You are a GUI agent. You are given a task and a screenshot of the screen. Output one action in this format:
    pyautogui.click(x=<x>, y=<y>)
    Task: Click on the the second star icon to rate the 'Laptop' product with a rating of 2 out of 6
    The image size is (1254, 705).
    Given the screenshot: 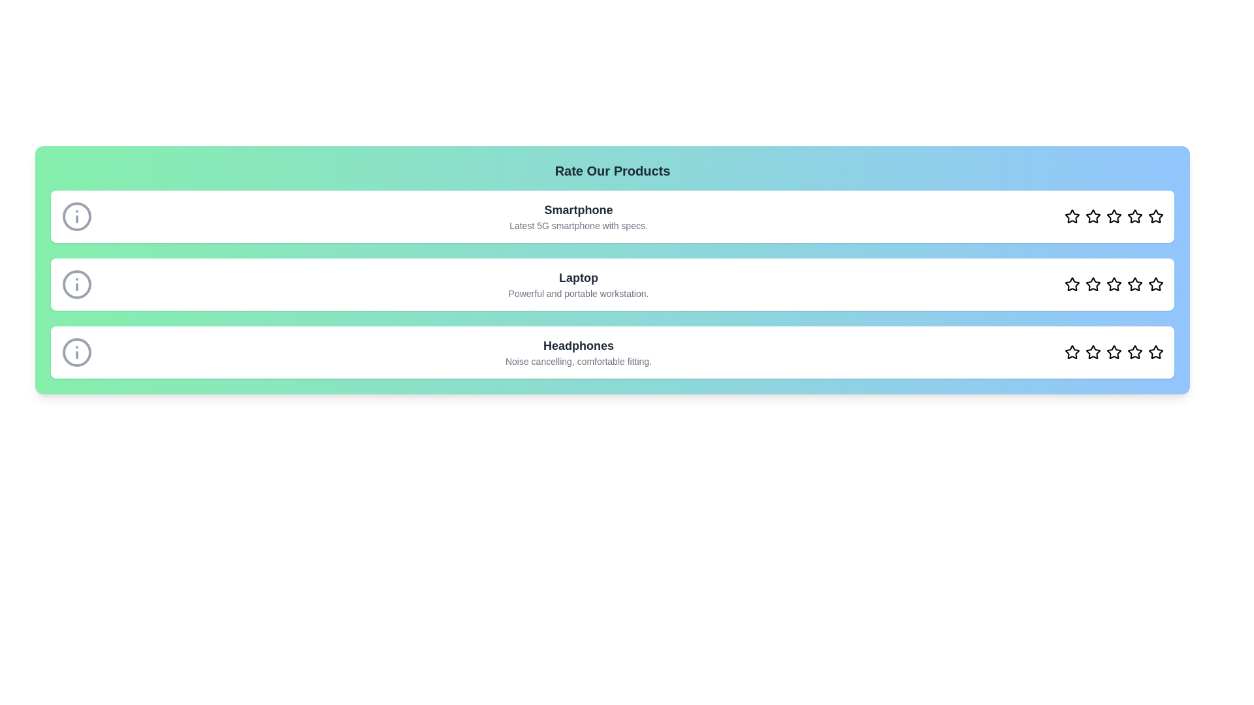 What is the action you would take?
    pyautogui.click(x=1072, y=283)
    